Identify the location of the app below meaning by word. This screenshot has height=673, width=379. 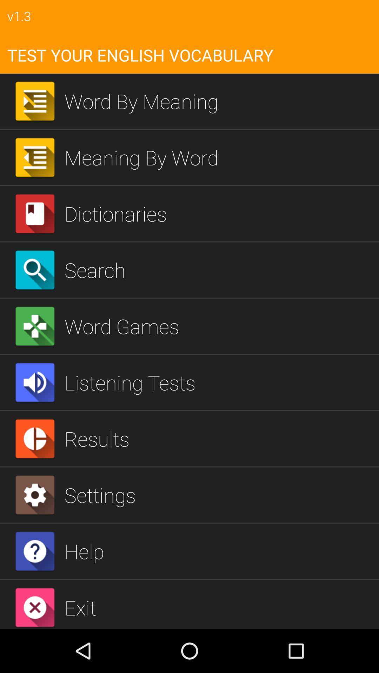
(219, 213).